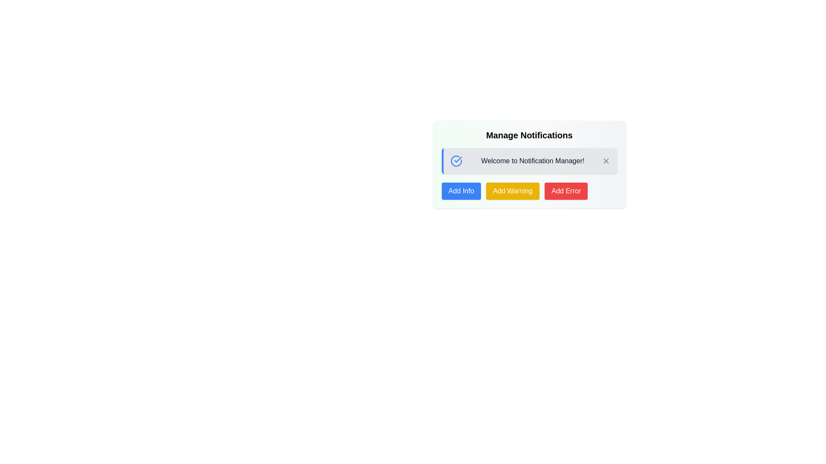 This screenshot has width=826, height=464. What do you see at coordinates (456, 161) in the screenshot?
I see `the success confirmation icon located to the left of the 'Welcome to Notification Manager!' text in the notification layout` at bounding box center [456, 161].